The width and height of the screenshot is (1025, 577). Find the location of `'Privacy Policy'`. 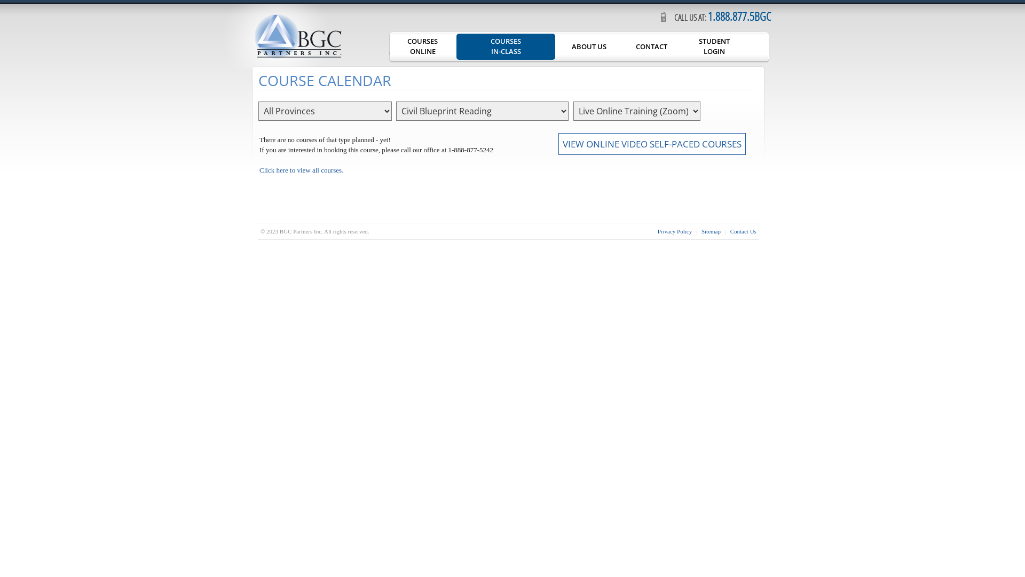

'Privacy Policy' is located at coordinates (674, 230).